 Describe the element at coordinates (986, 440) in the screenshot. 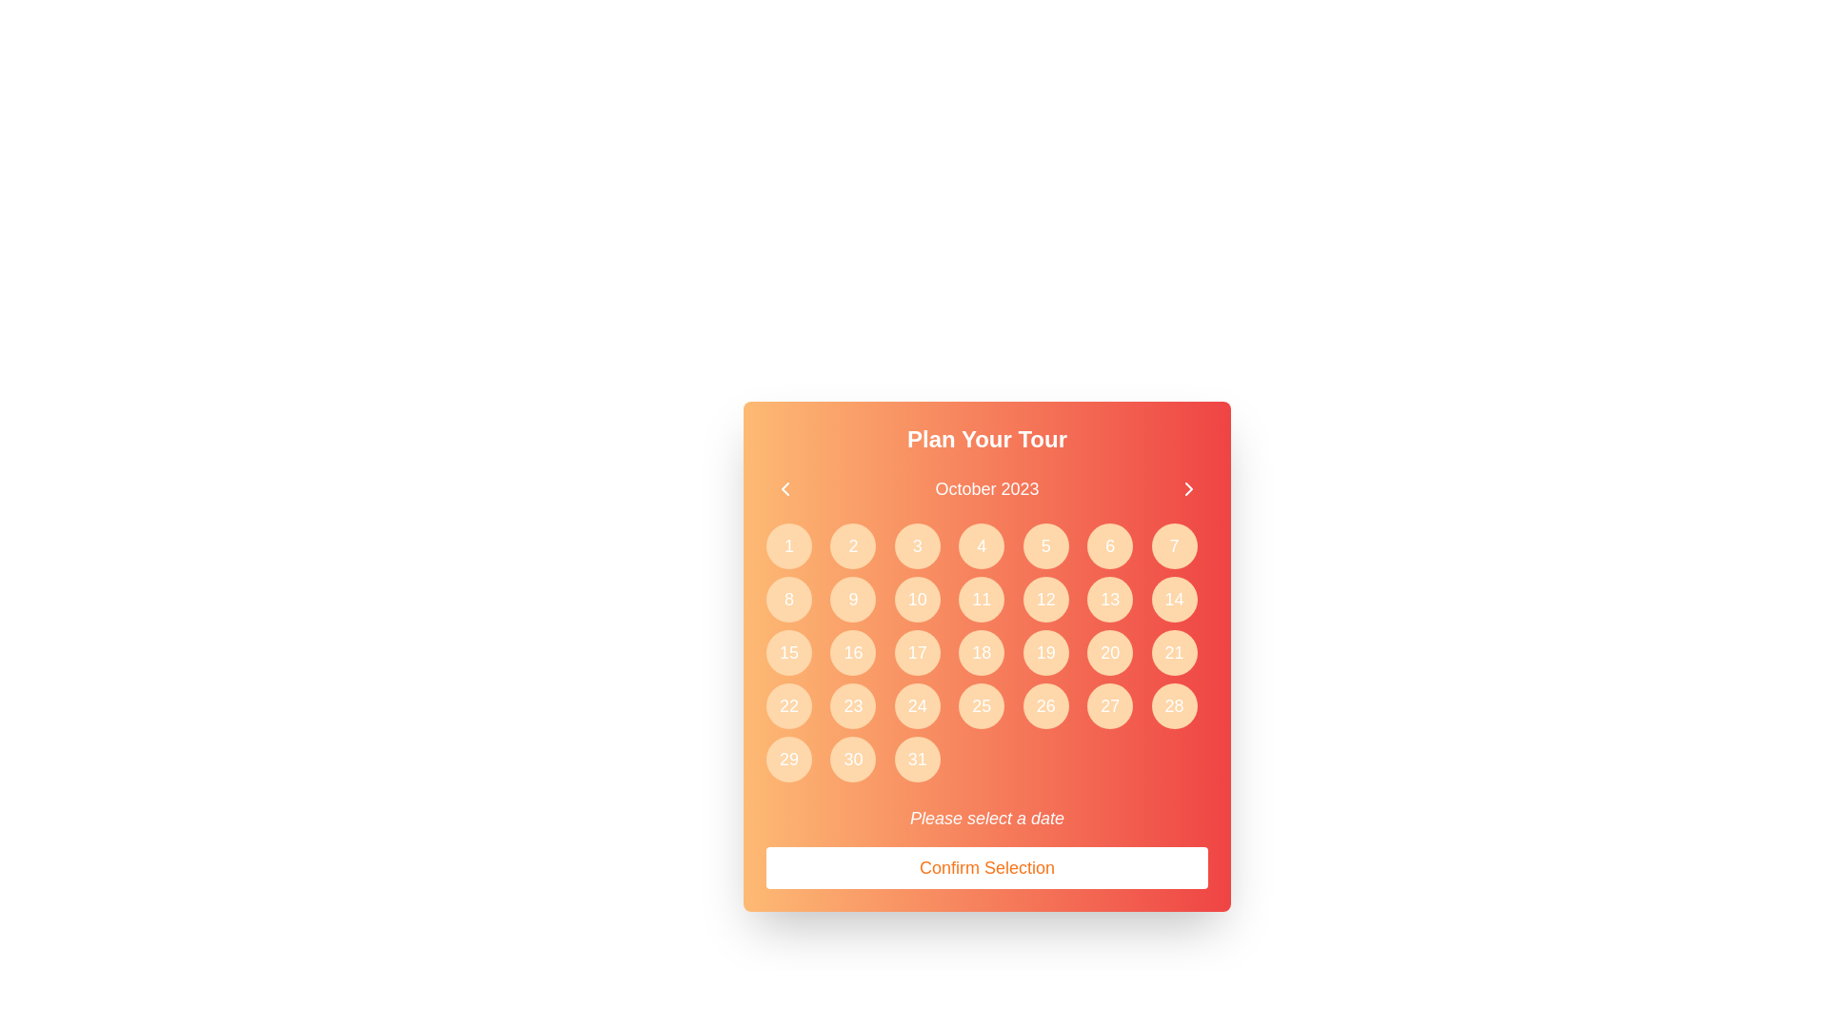

I see `the text label displaying 'Plan Your Tour', which is a bold, large font in white color against a gradient background` at that location.